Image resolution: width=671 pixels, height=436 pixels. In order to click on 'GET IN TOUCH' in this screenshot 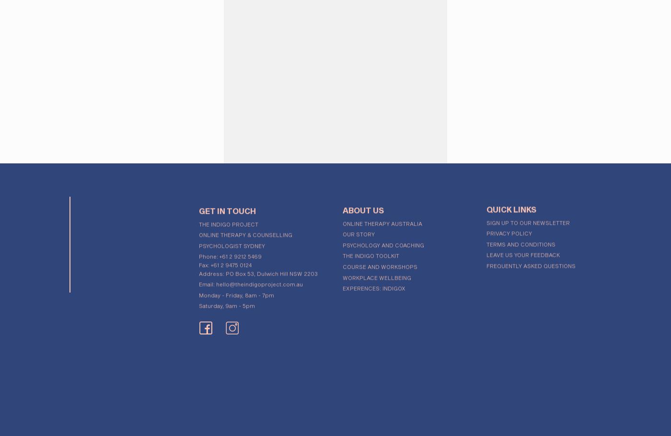, I will do `click(227, 207)`.